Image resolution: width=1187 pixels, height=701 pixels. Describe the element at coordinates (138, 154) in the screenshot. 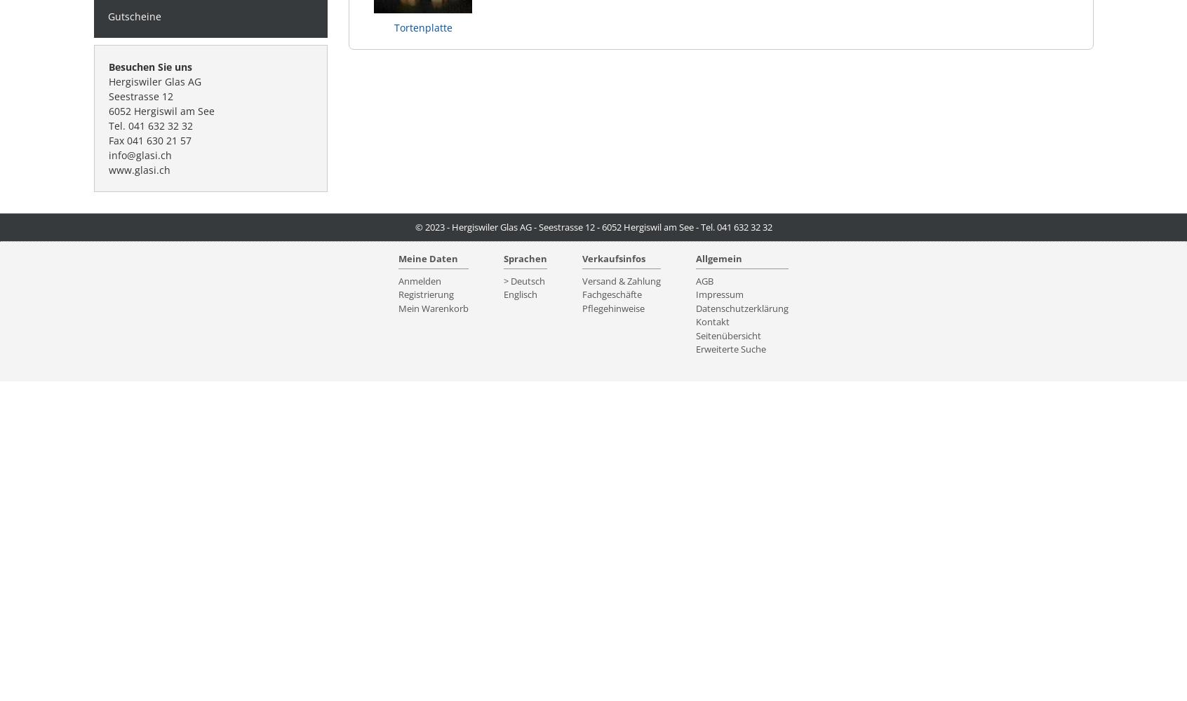

I see `'info@glasi.ch'` at that location.